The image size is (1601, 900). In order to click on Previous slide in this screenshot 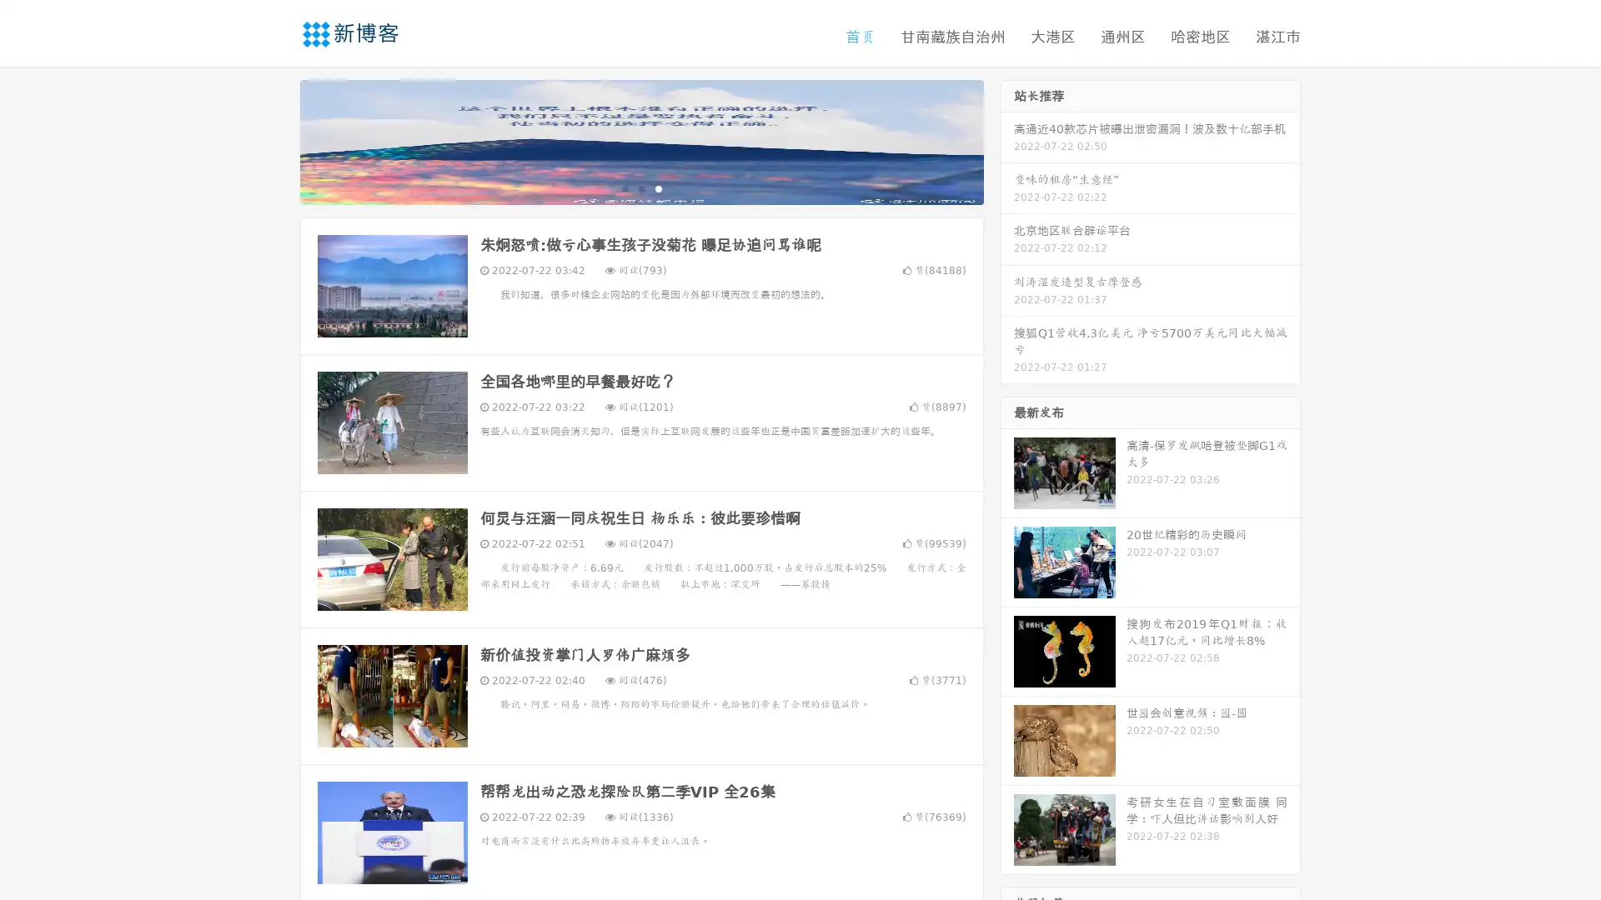, I will do `click(275, 140)`.